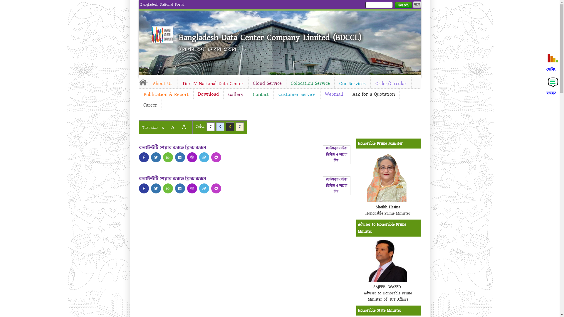 This screenshot has height=317, width=564. I want to click on 'Download', so click(208, 94).